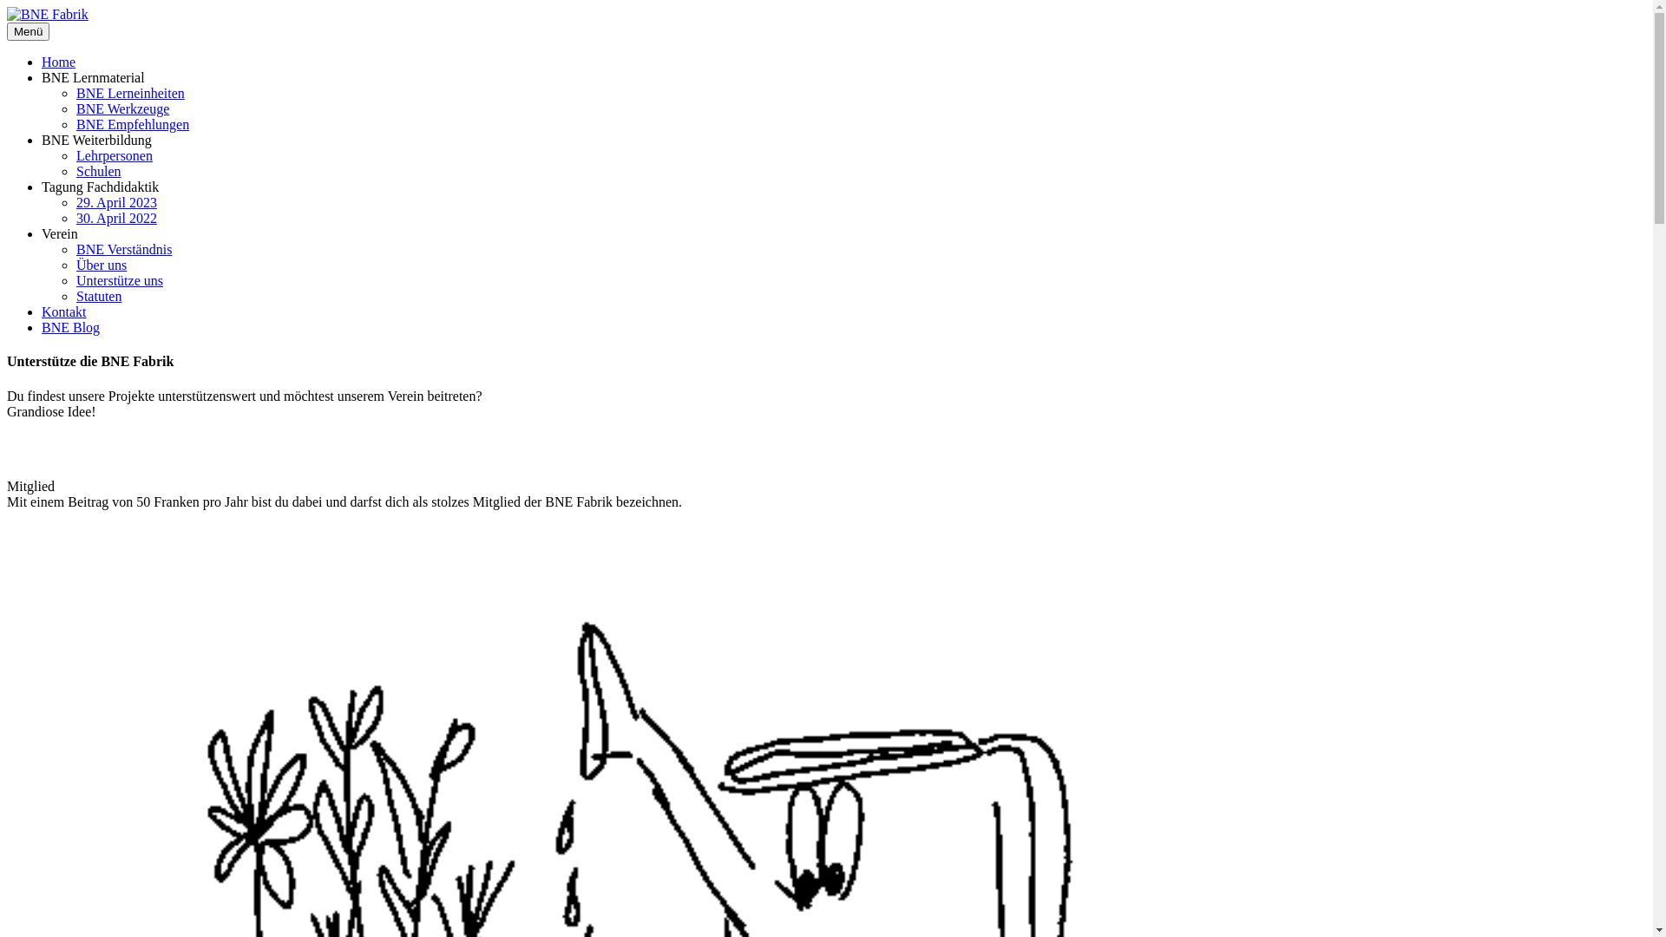 The width and height of the screenshot is (1666, 937). I want to click on 'BNE Blog', so click(69, 327).